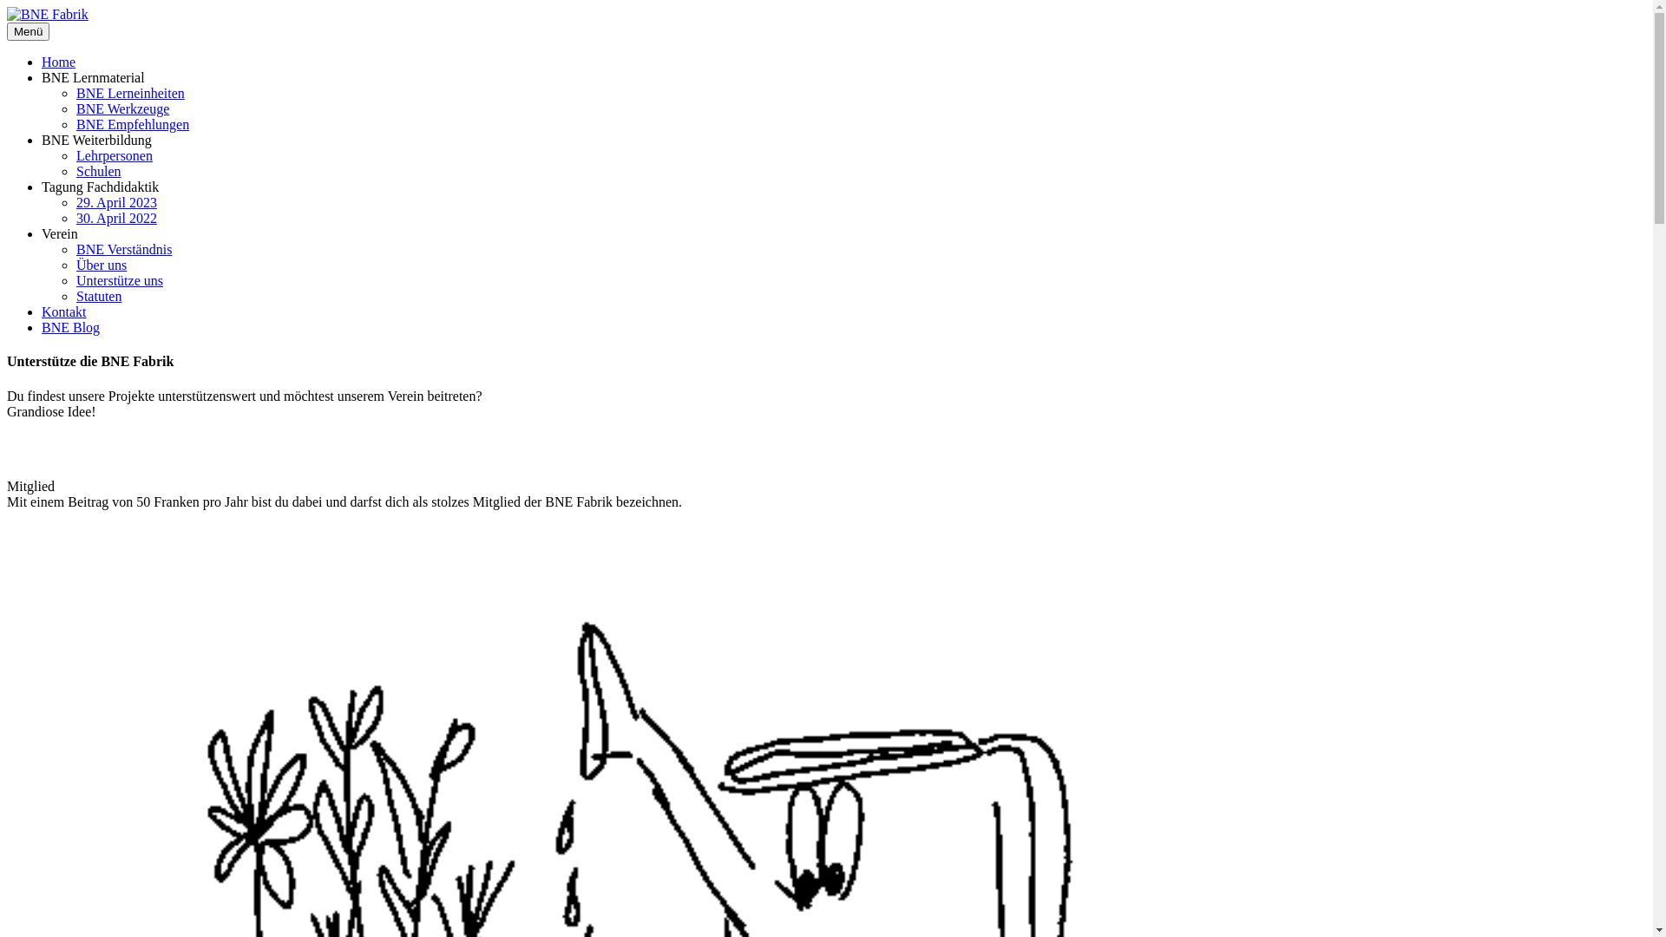 The width and height of the screenshot is (1666, 937). I want to click on 'BNE Blog', so click(69, 327).